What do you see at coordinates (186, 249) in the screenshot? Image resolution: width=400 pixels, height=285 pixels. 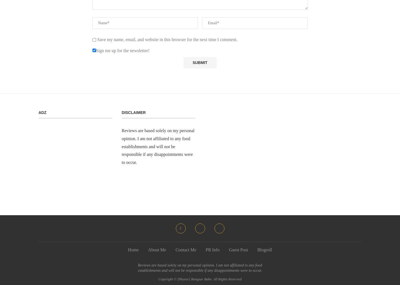 I see `'Contact Me'` at bounding box center [186, 249].